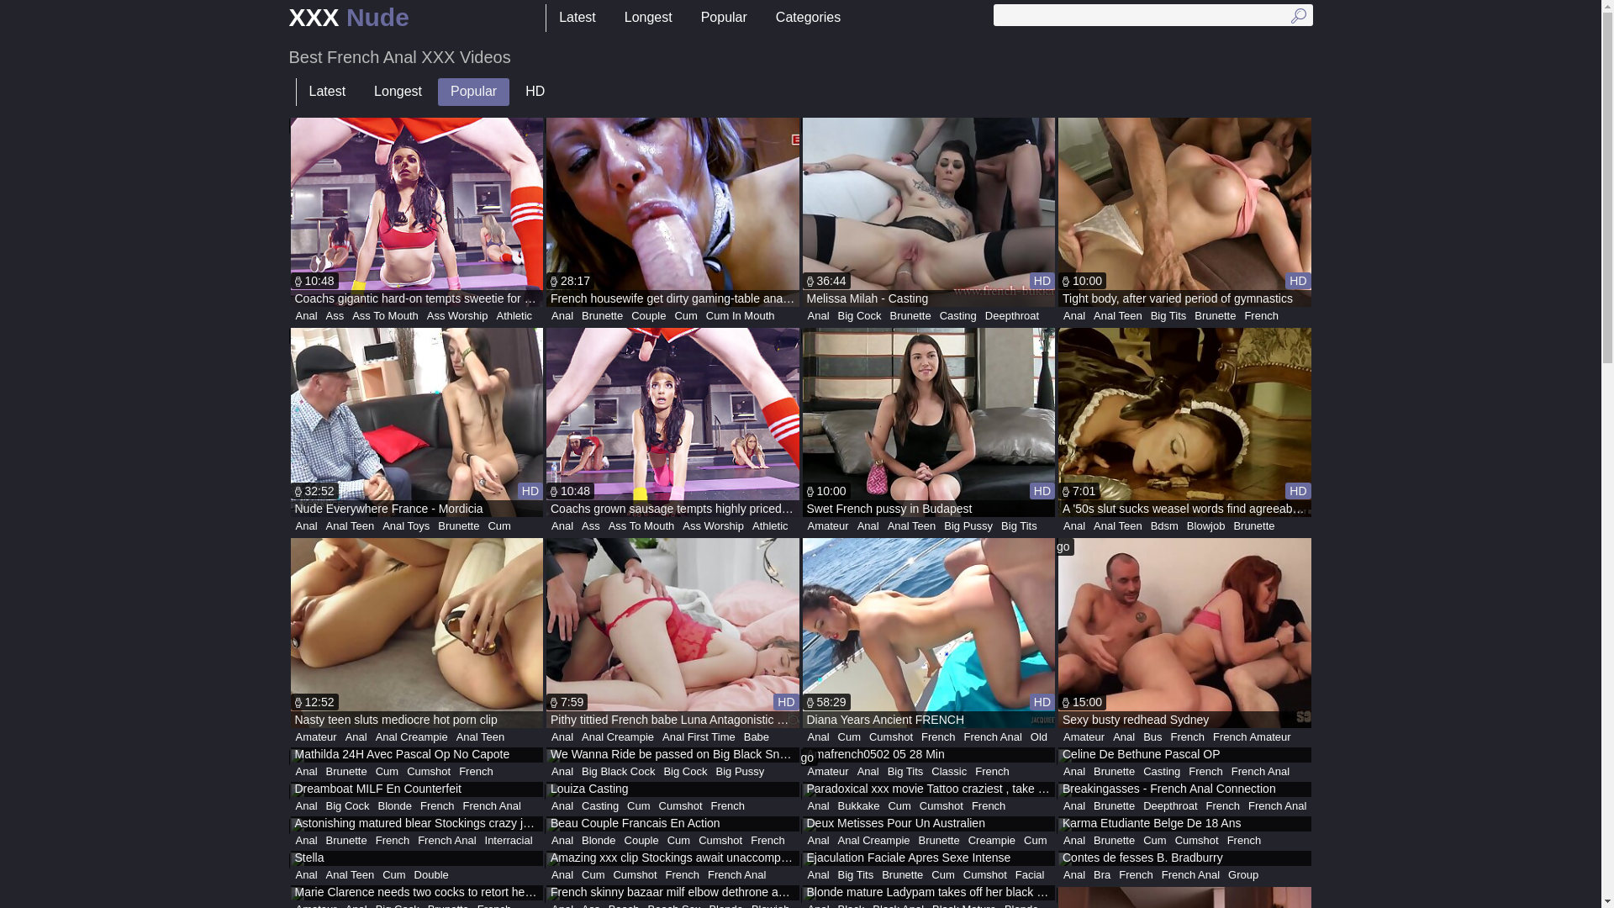  I want to click on 'Melissa Milah - Casting, so click(927, 211).